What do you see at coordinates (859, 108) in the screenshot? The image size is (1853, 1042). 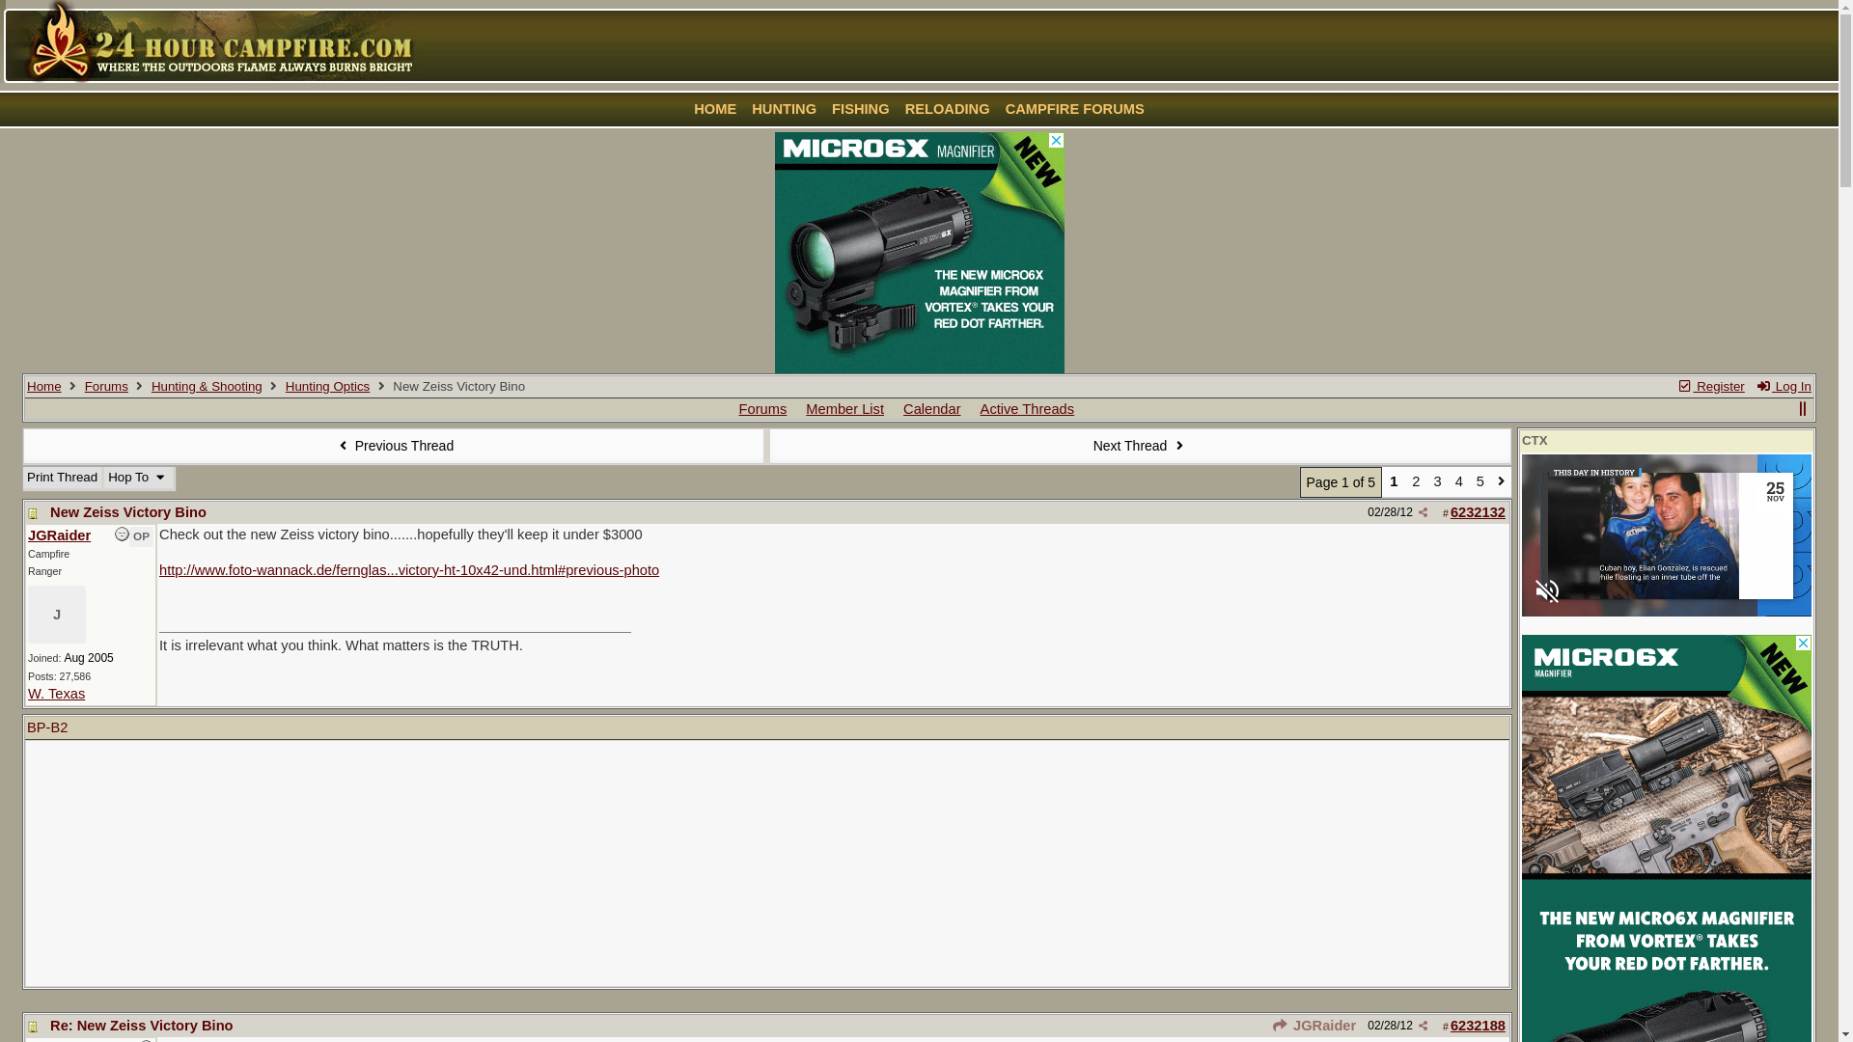 I see `'FISHING'` at bounding box center [859, 108].